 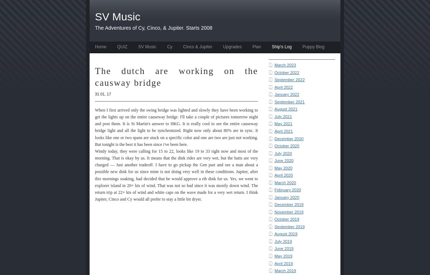 What do you see at coordinates (283, 249) in the screenshot?
I see `'June 2019'` at bounding box center [283, 249].